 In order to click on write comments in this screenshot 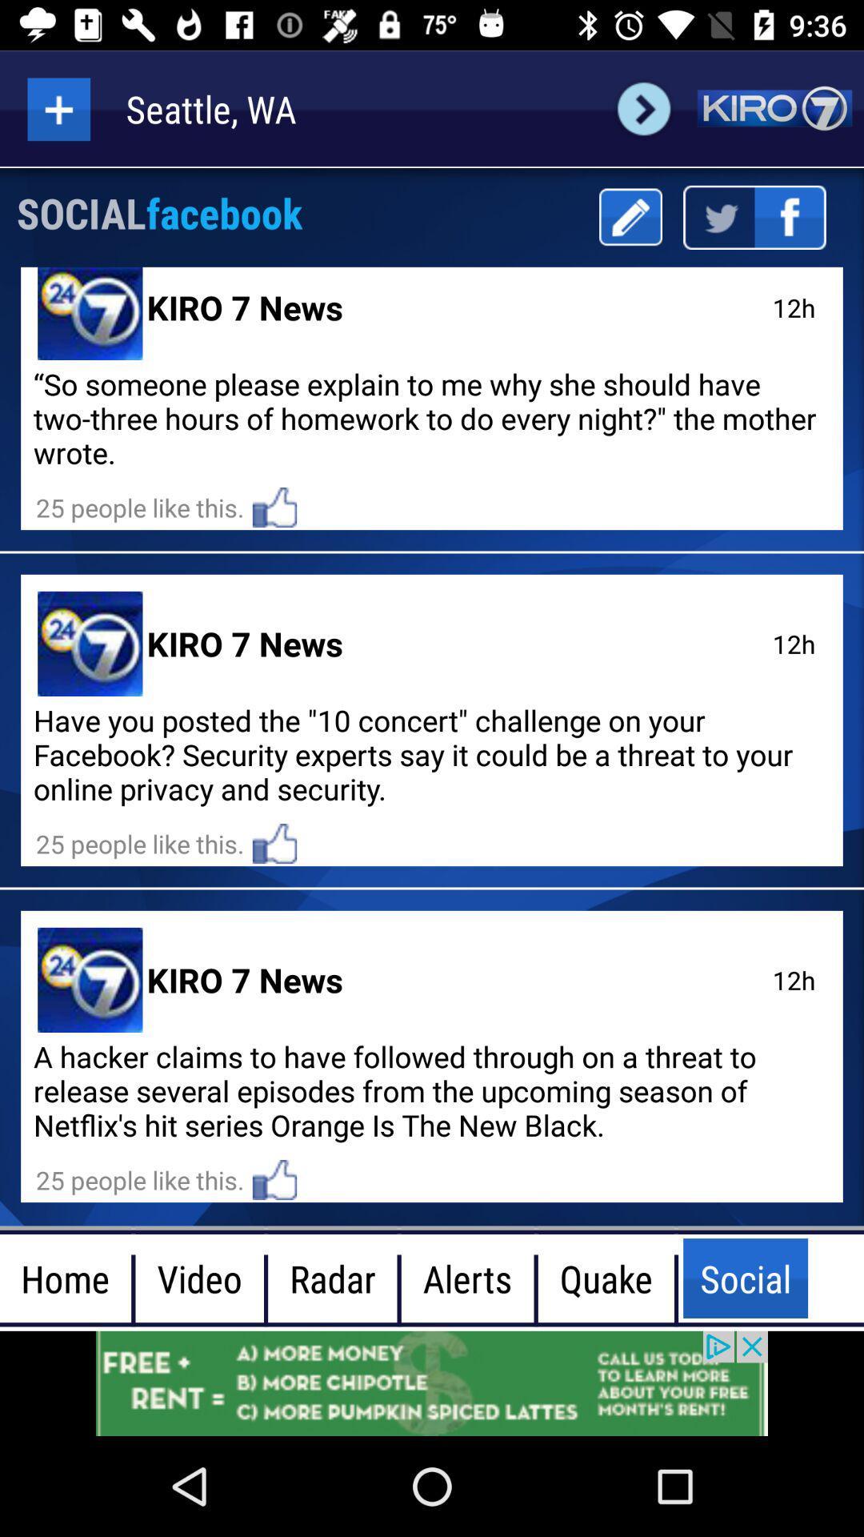, I will do `click(630, 216)`.